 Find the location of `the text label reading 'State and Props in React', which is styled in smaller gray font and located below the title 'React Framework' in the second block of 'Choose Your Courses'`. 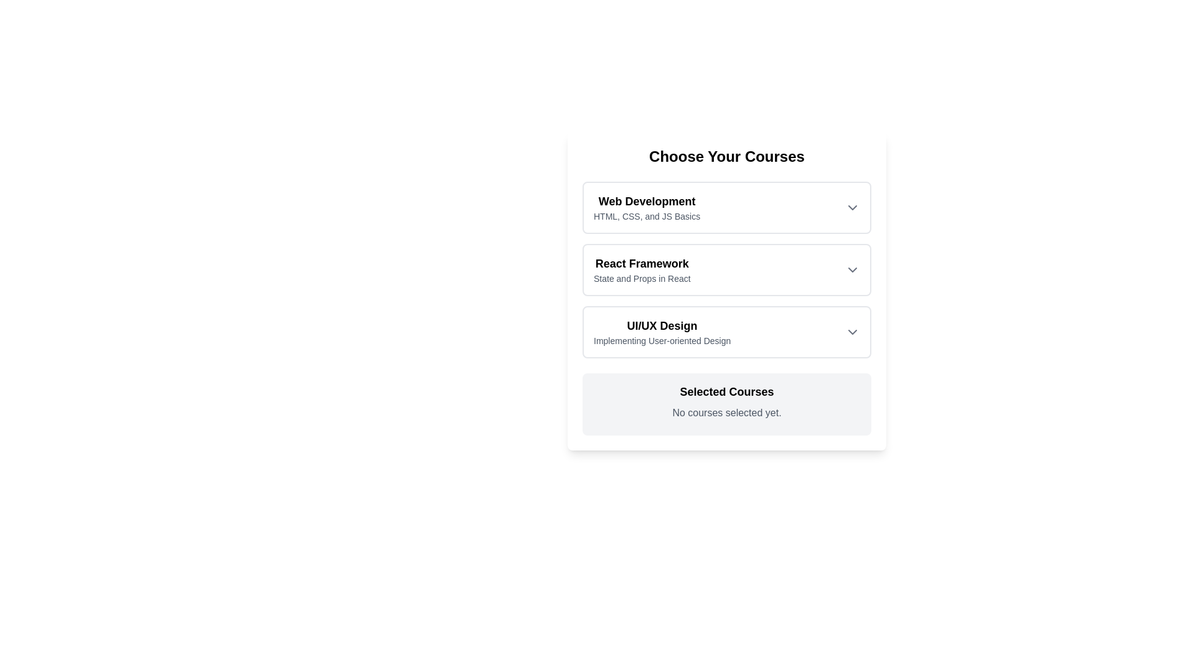

the text label reading 'State and Props in React', which is styled in smaller gray font and located below the title 'React Framework' in the second block of 'Choose Your Courses' is located at coordinates (642, 278).